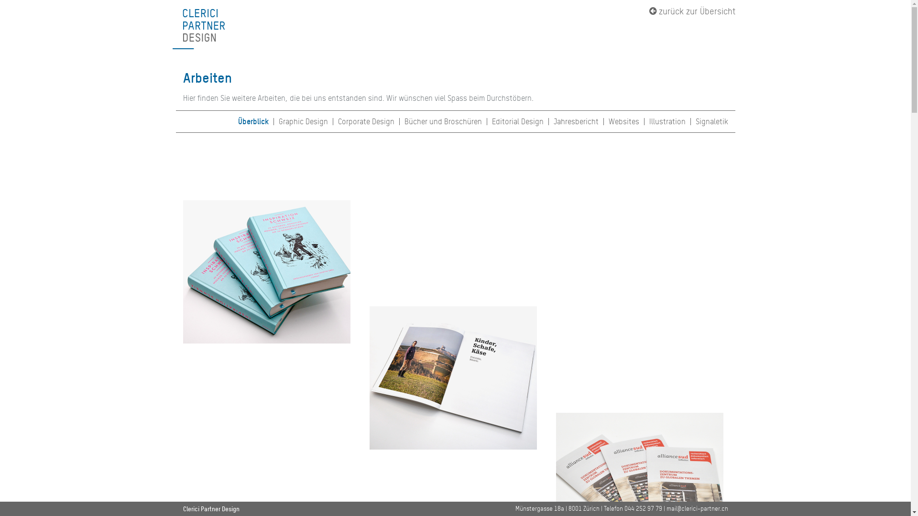 The width and height of the screenshot is (918, 516). What do you see at coordinates (697, 508) in the screenshot?
I see `'mail@clerici-partner.ch'` at bounding box center [697, 508].